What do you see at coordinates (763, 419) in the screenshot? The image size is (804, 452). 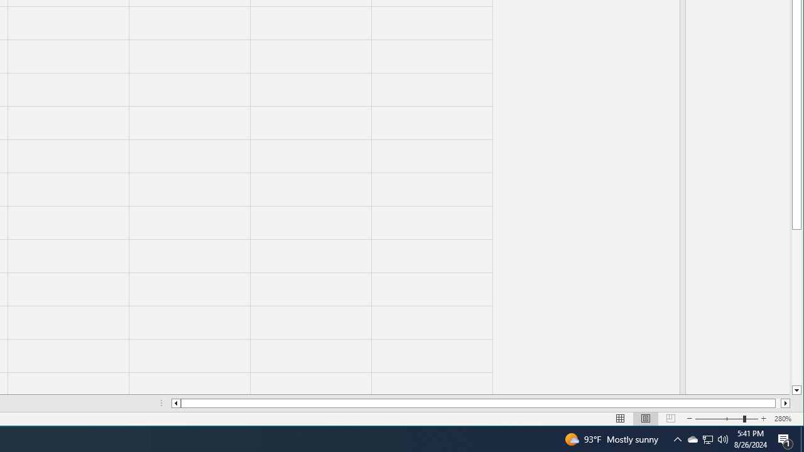 I see `'Zoom In'` at bounding box center [763, 419].